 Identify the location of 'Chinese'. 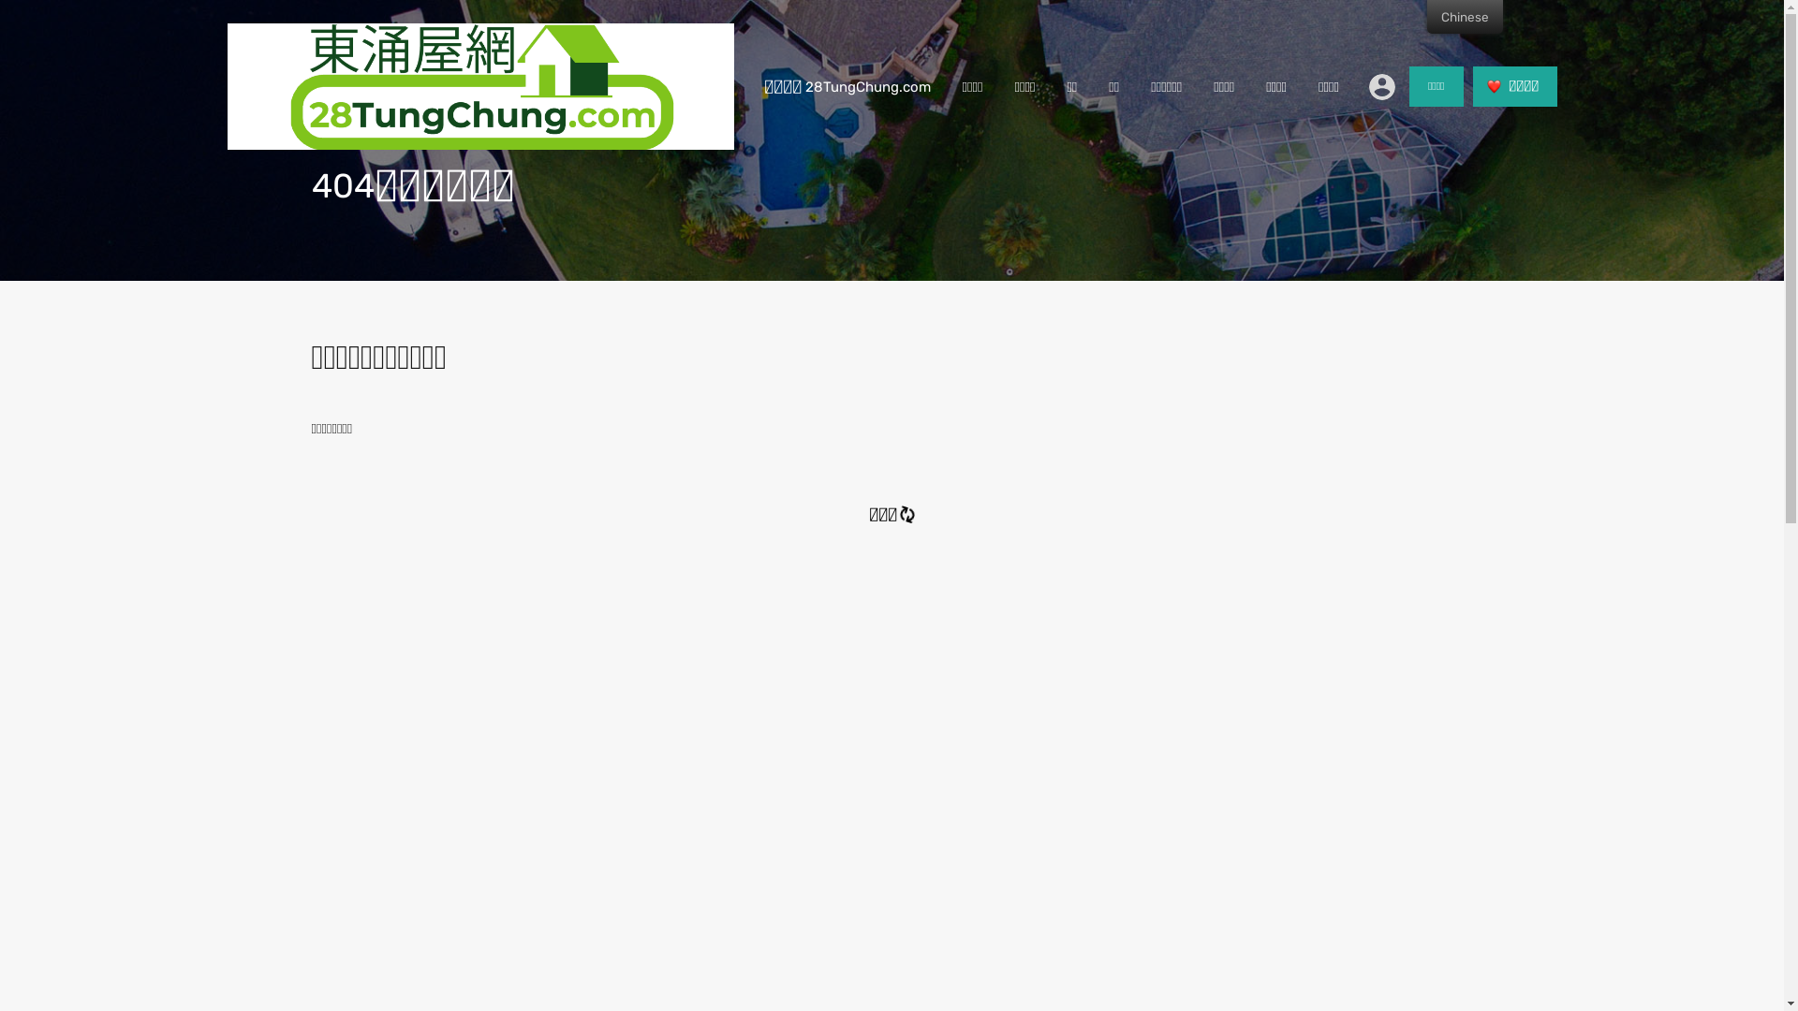
(1464, 17).